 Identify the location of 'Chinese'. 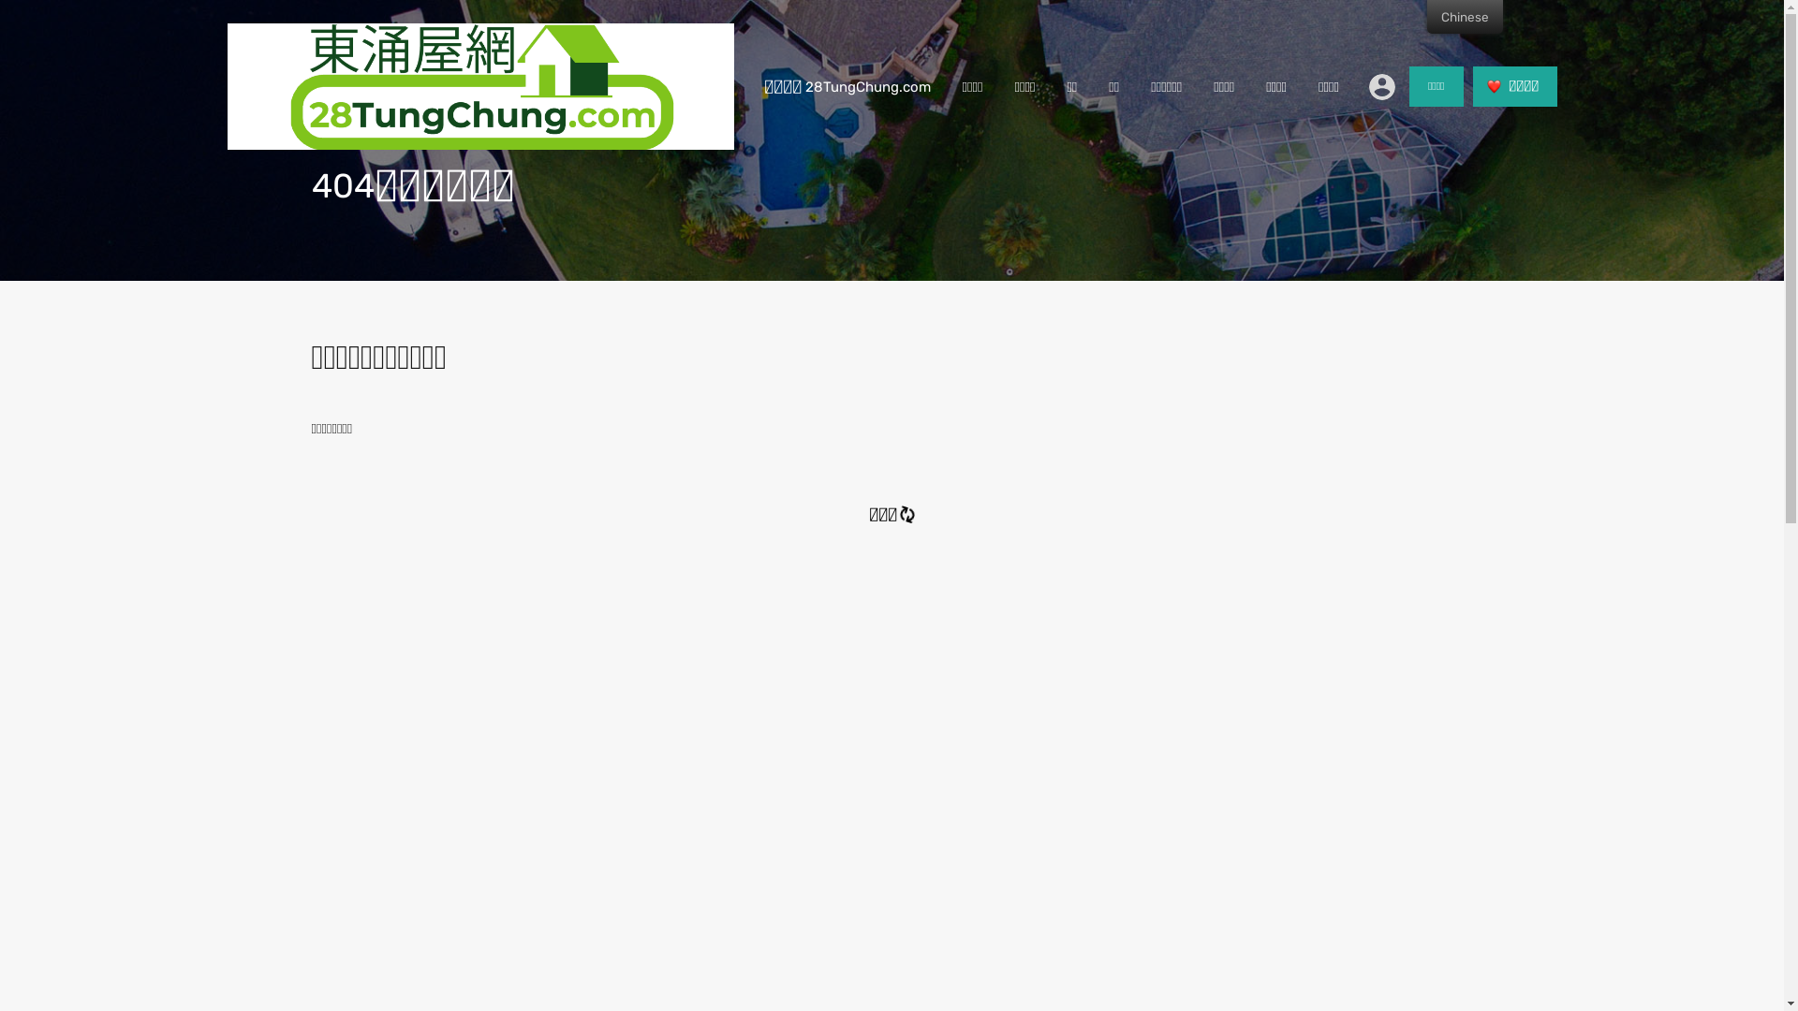
(1464, 17).